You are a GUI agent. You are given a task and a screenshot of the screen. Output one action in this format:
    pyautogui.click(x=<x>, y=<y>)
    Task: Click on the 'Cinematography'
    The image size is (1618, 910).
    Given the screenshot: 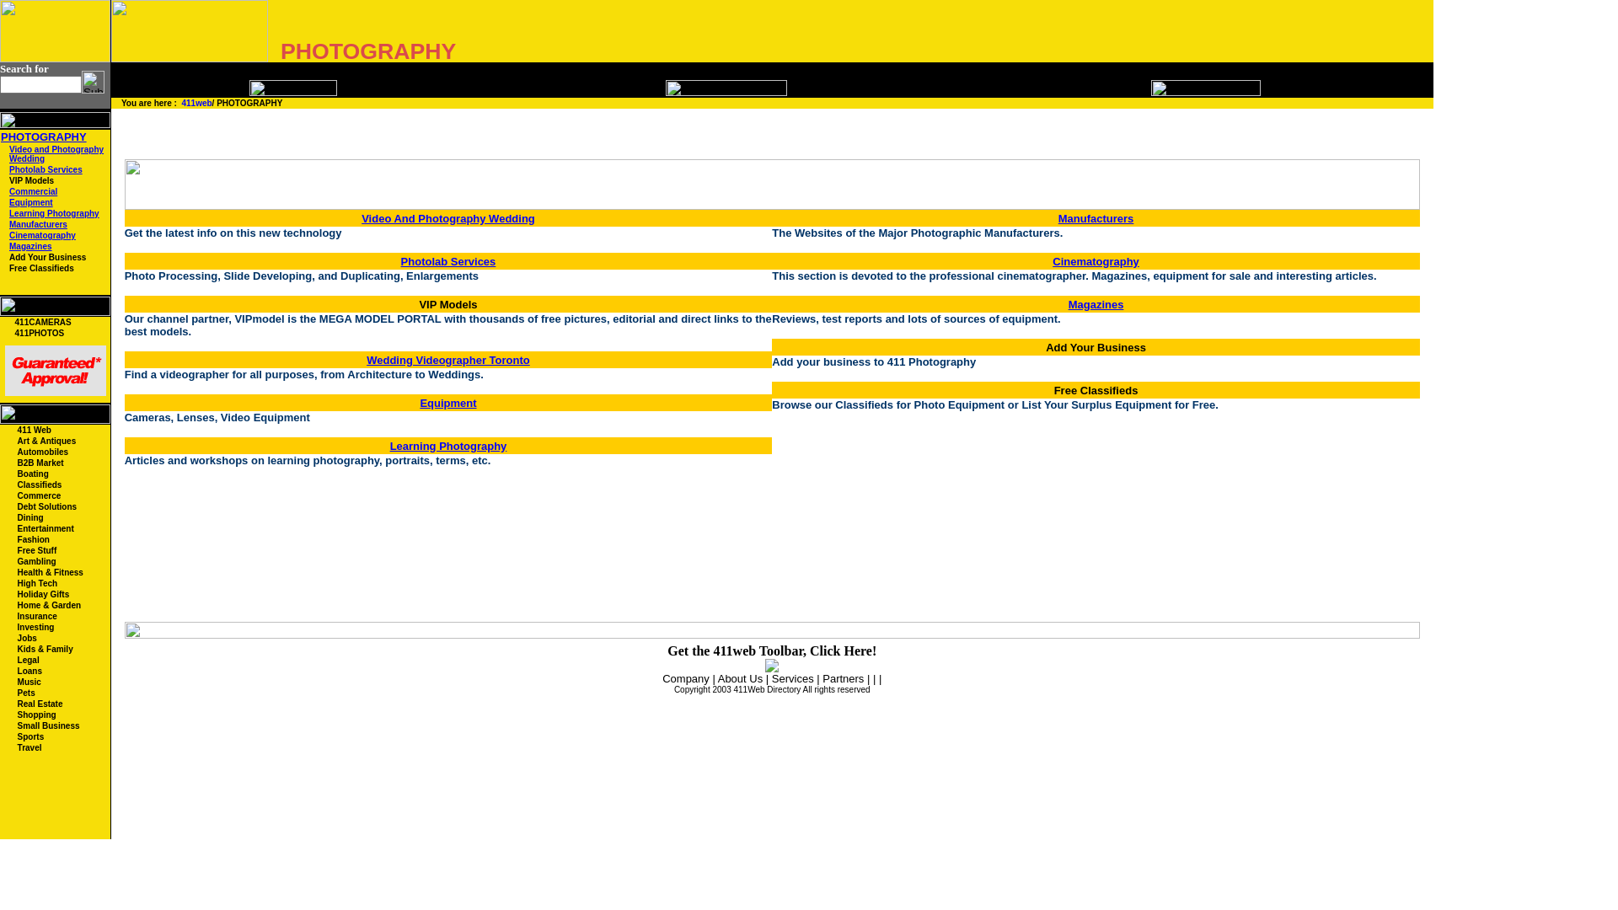 What is the action you would take?
    pyautogui.click(x=42, y=235)
    